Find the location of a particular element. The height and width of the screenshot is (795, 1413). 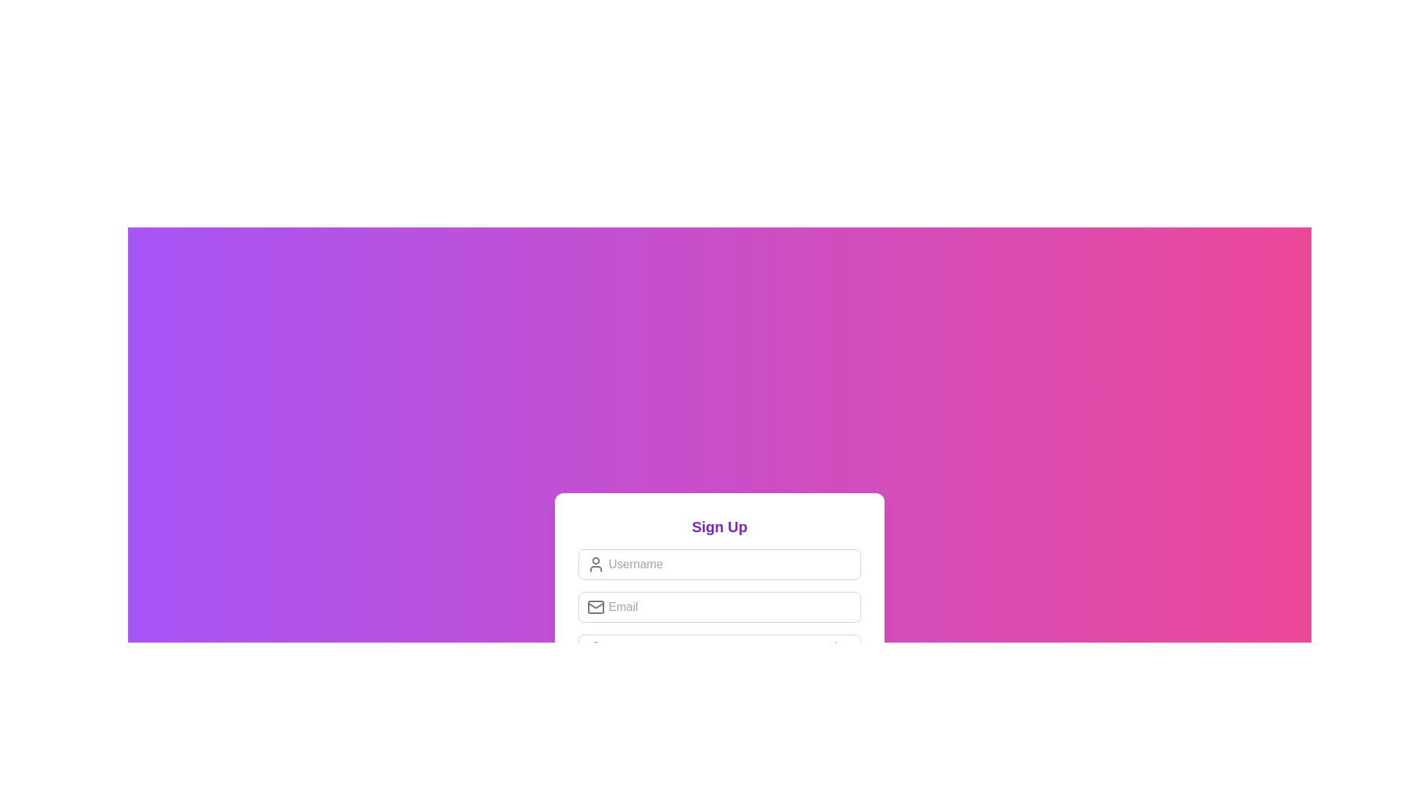

the Password input field, which is a horizontal bar with a white background located below the email input field and above the register button is located at coordinates (720, 649).